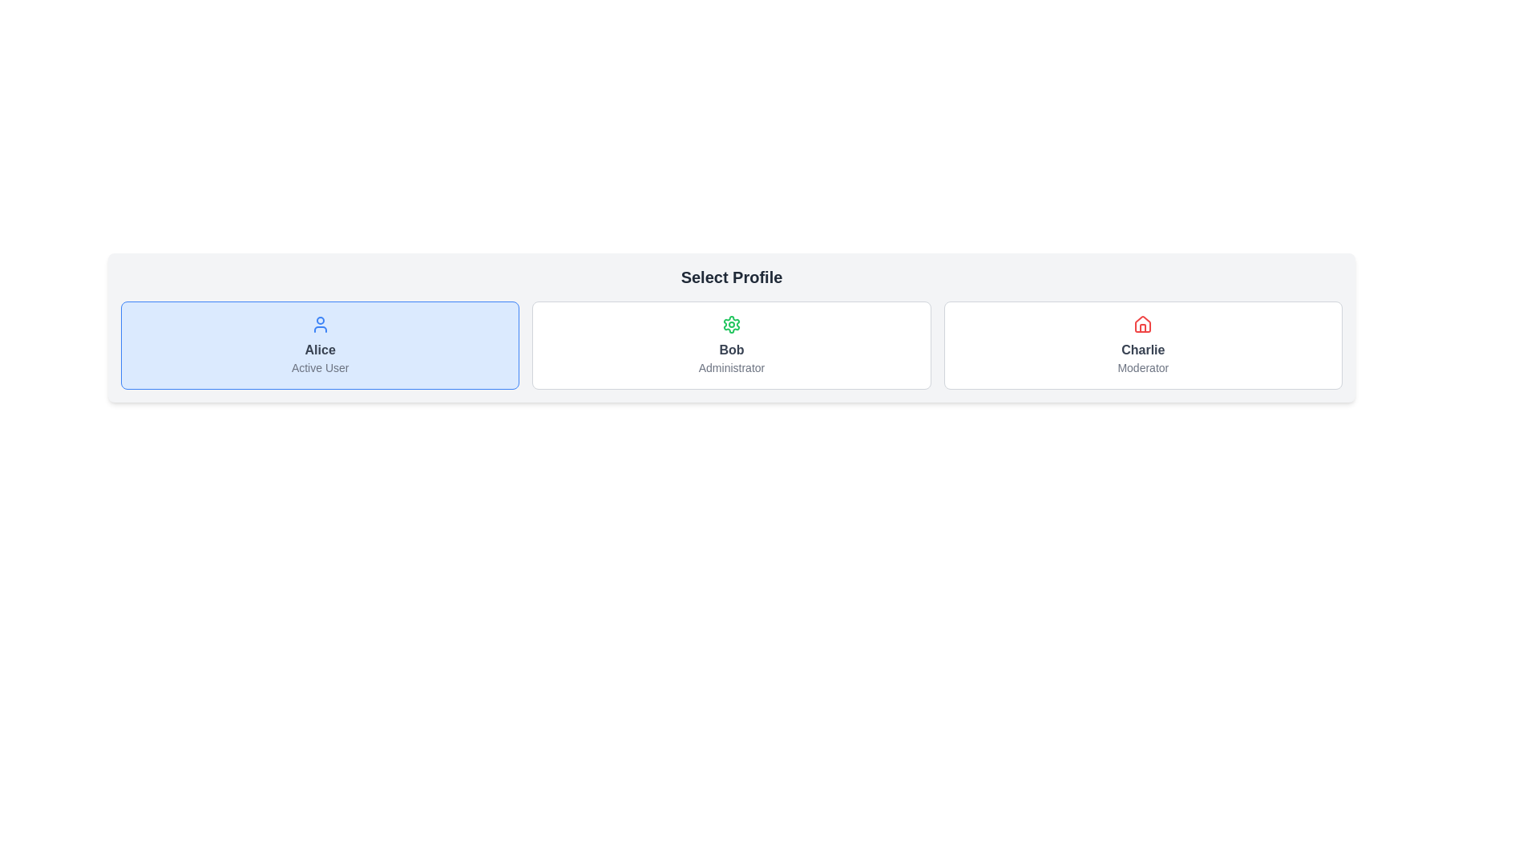 The height and width of the screenshot is (866, 1539). What do you see at coordinates (730, 349) in the screenshot?
I see `the bold text displaying the name 'Bob'` at bounding box center [730, 349].